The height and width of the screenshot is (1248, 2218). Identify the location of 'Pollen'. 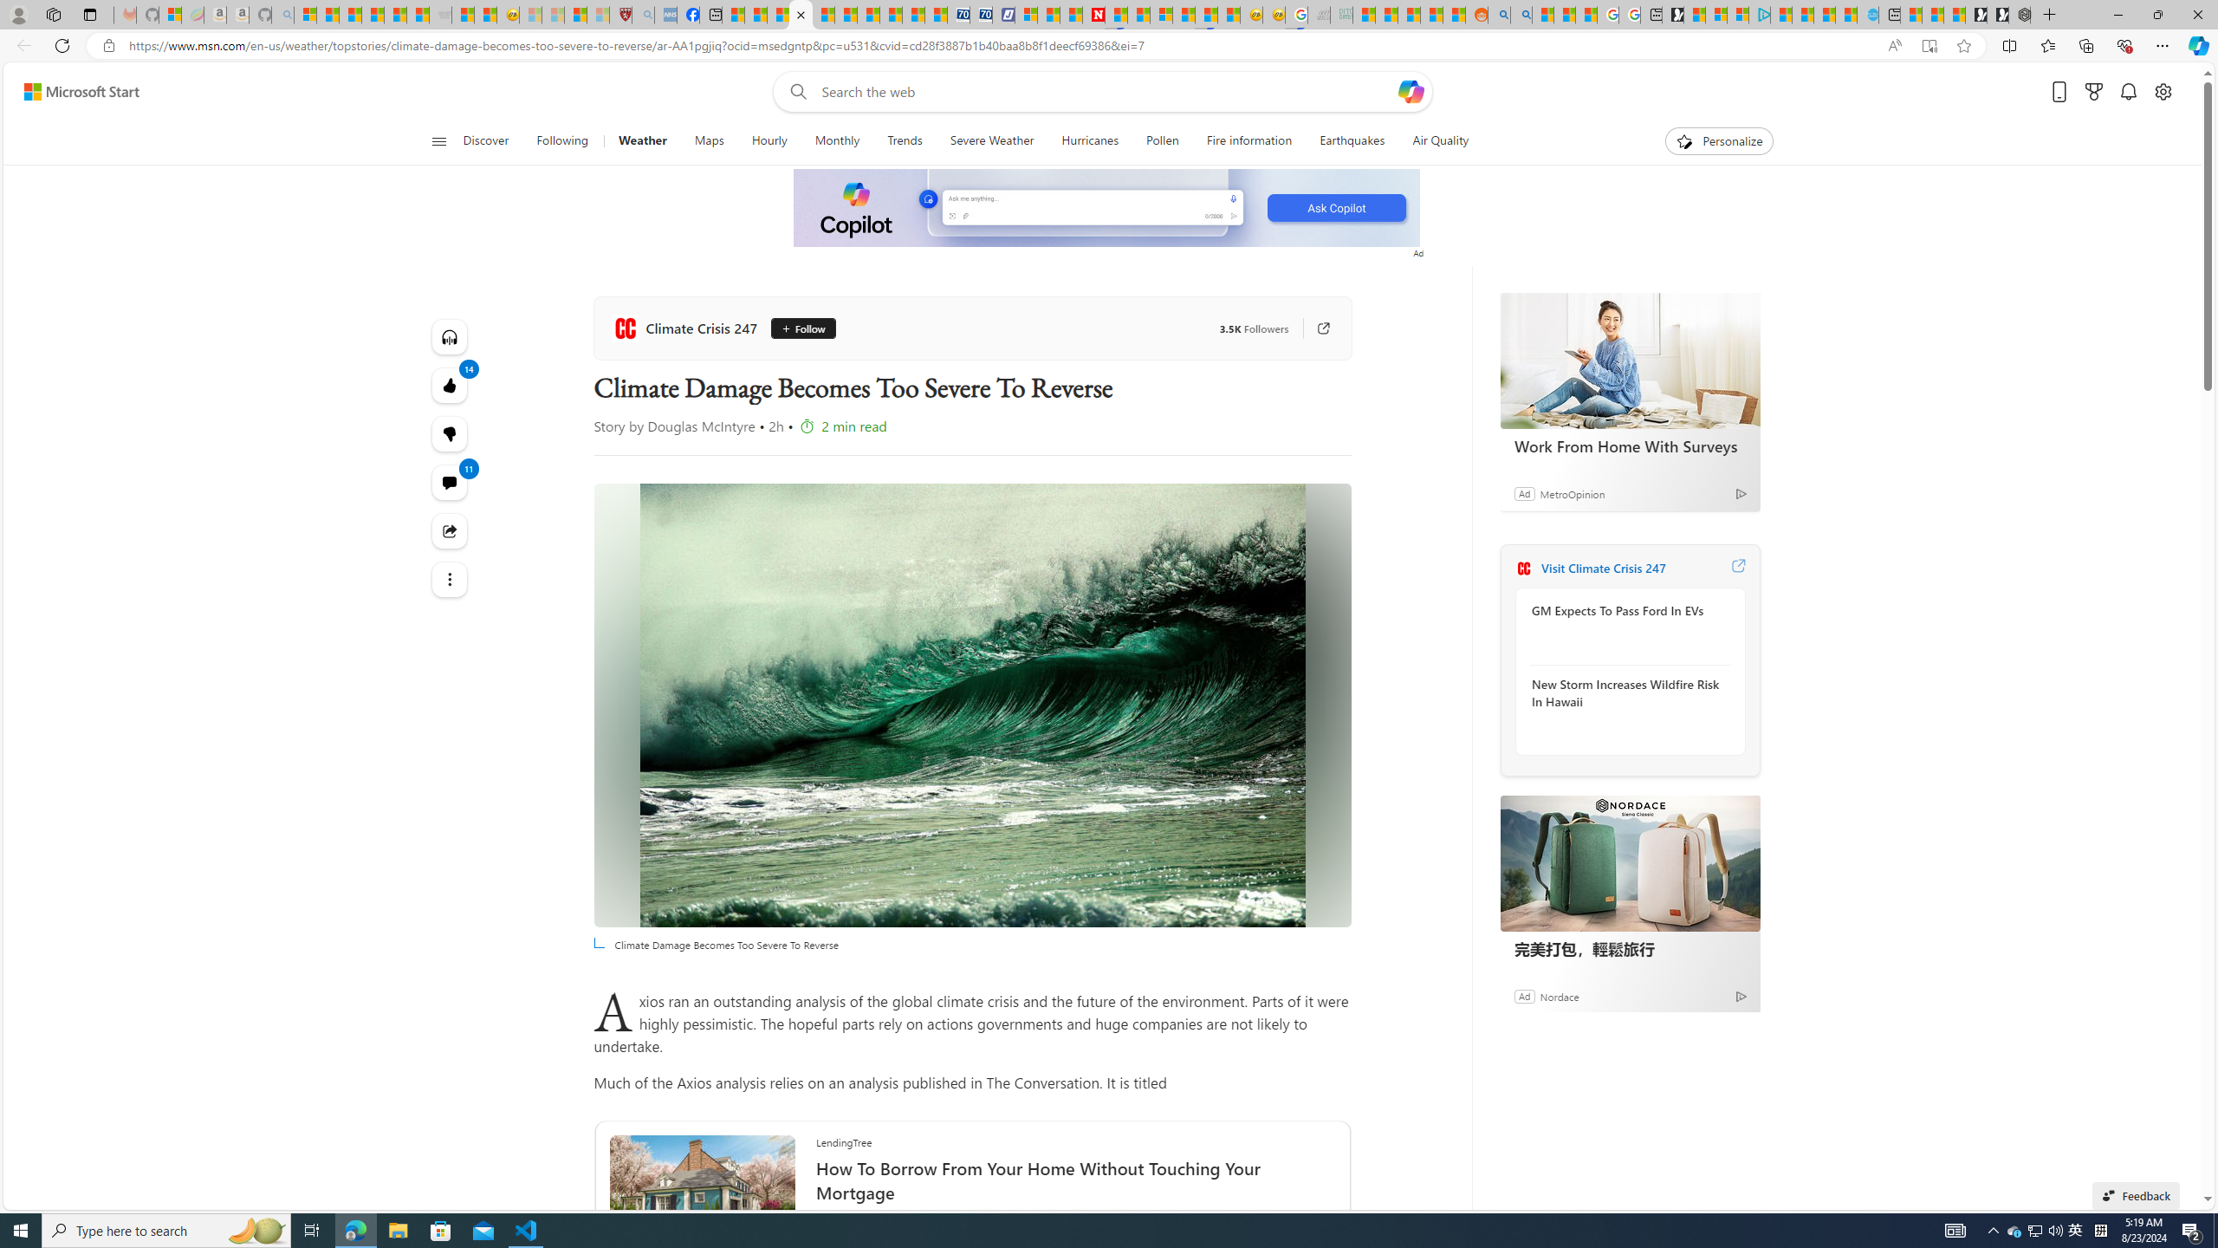
(1162, 140).